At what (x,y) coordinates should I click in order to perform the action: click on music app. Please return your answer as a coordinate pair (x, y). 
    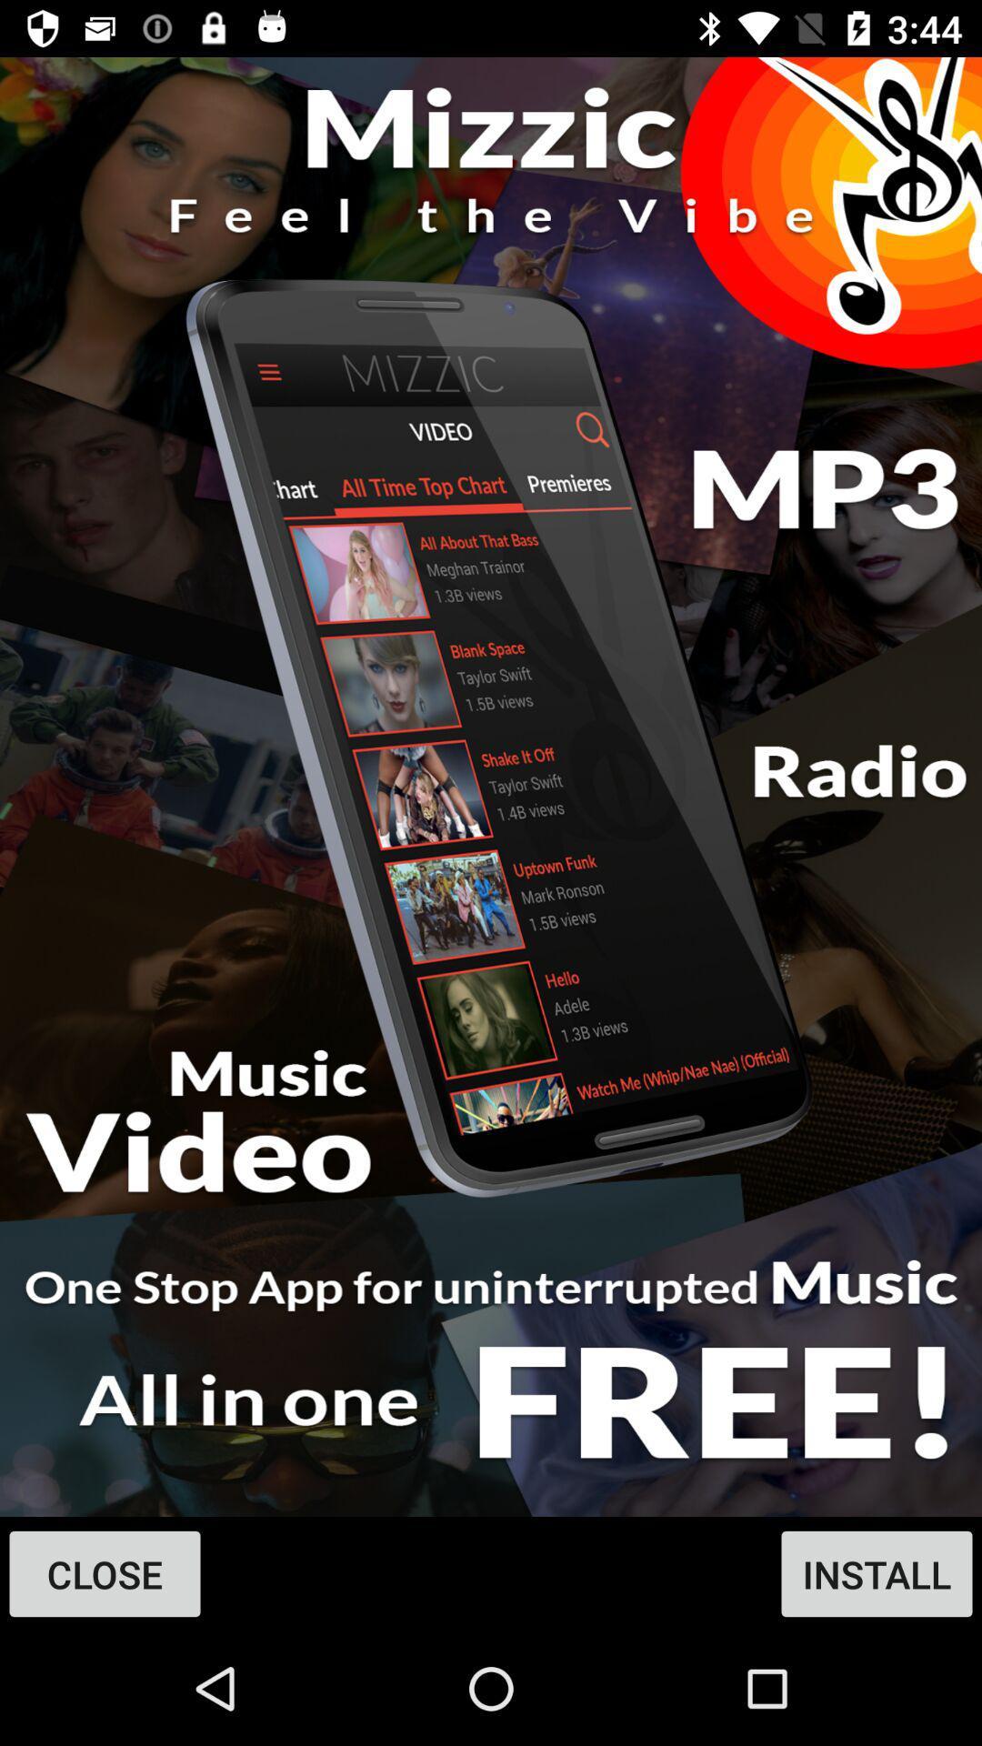
    Looking at the image, I should click on (491, 787).